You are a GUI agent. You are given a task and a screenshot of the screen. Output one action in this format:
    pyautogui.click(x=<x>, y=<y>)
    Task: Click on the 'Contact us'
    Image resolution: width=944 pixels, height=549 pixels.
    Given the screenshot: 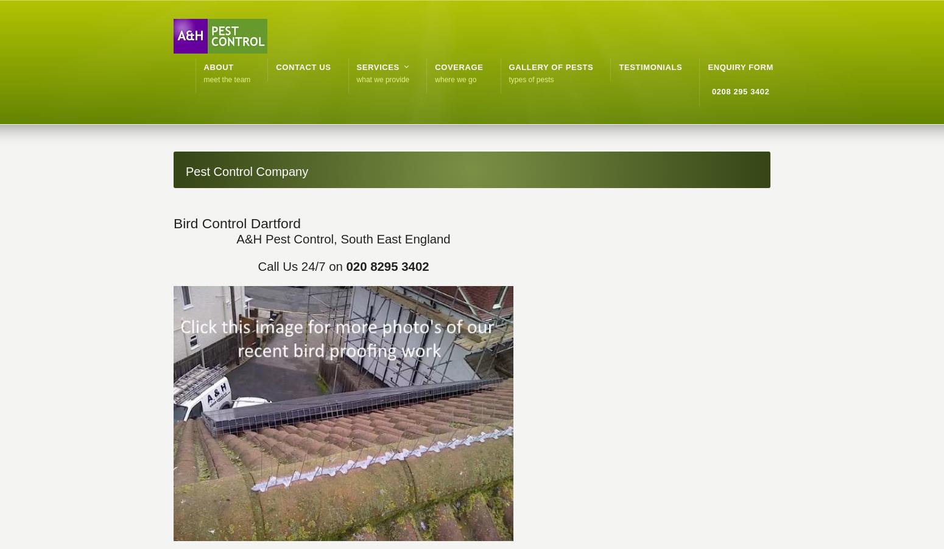 What is the action you would take?
    pyautogui.click(x=303, y=67)
    